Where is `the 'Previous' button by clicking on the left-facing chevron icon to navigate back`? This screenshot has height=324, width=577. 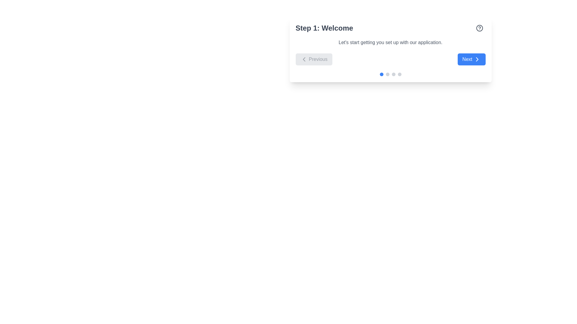 the 'Previous' button by clicking on the left-facing chevron icon to navigate back is located at coordinates (304, 59).